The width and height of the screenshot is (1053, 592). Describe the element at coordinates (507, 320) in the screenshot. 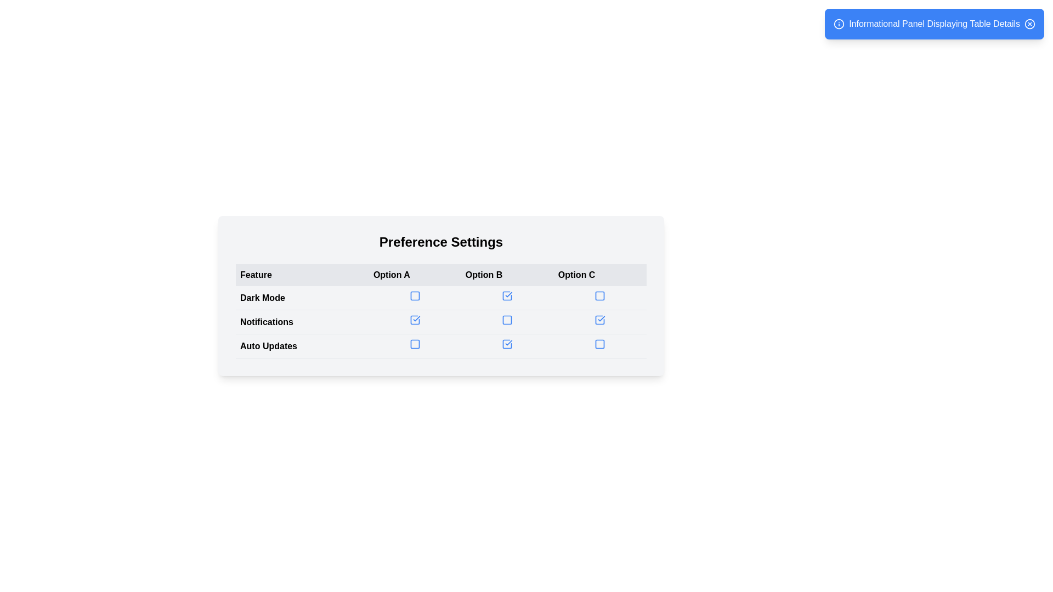

I see `the checkbox for 'Option B' under 'Notifications' in the 'Preference Settings' section` at that location.